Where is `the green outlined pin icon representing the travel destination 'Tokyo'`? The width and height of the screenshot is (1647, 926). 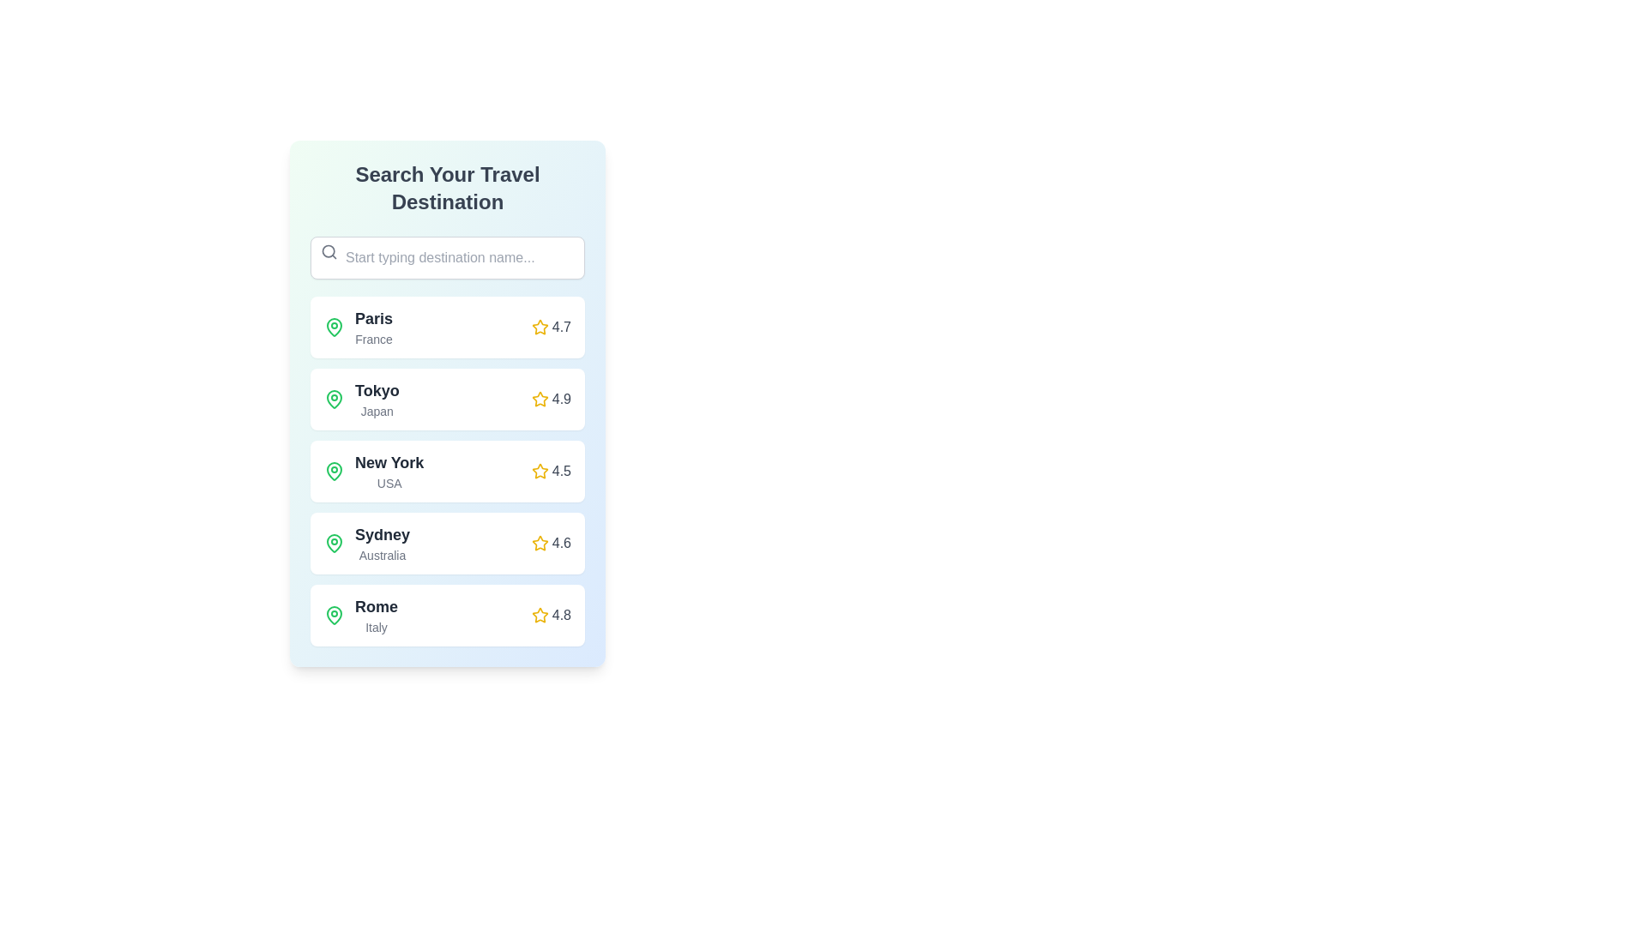 the green outlined pin icon representing the travel destination 'Tokyo' is located at coordinates (334, 399).